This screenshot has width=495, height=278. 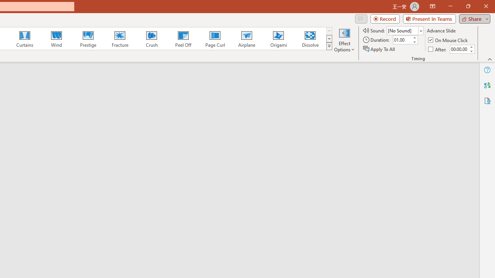 I want to click on 'Crush', so click(x=151, y=39).